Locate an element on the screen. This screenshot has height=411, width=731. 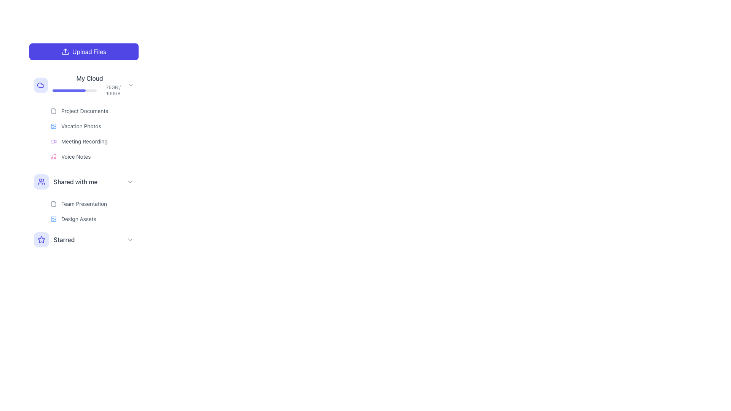
the Chevron or arrow icon at the right end of the 'My Cloud' row is located at coordinates (130, 85).